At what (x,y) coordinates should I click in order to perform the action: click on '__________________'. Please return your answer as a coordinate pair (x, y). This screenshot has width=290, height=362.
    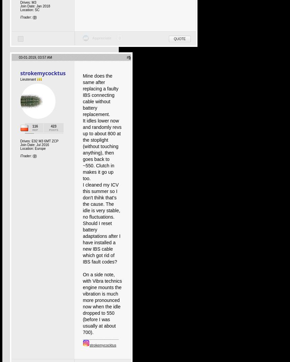
    Looking at the image, I should click on (82, 337).